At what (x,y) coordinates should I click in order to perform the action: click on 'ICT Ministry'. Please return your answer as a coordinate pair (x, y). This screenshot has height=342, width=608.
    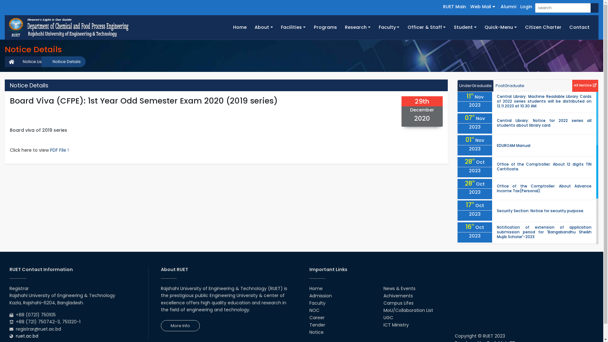
    Looking at the image, I should click on (396, 325).